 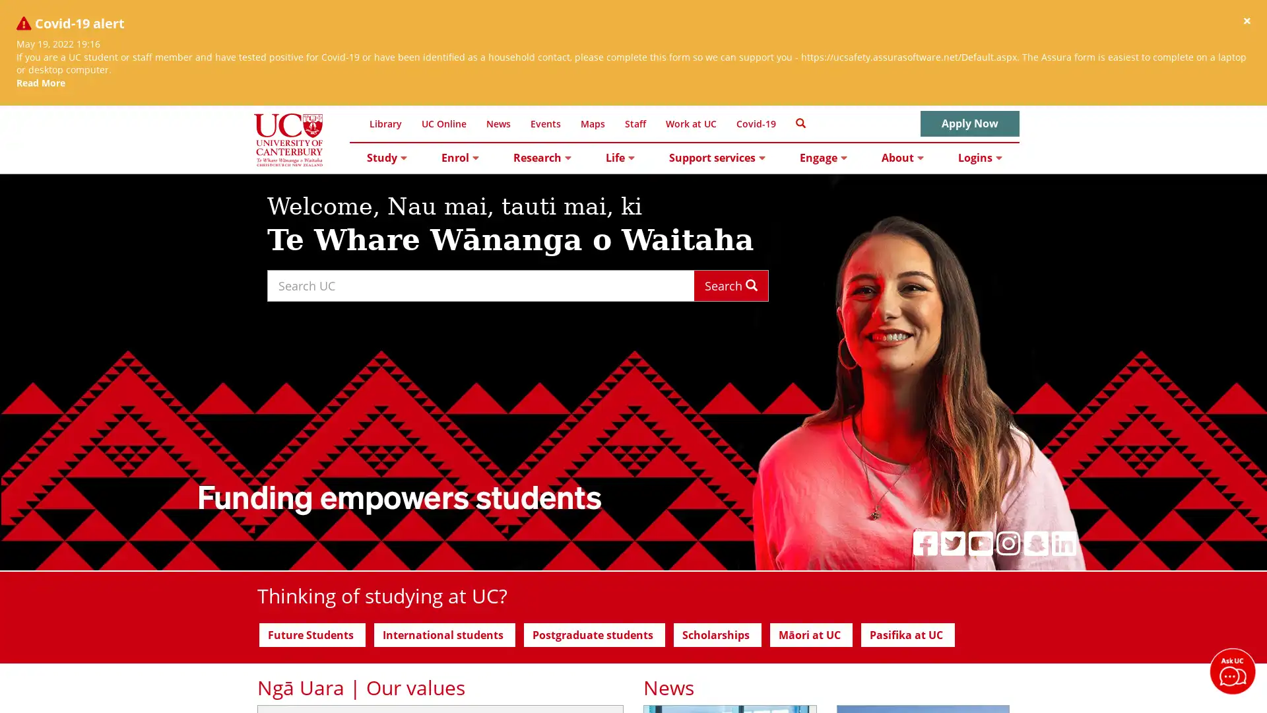 What do you see at coordinates (969, 123) in the screenshot?
I see `Apply Now` at bounding box center [969, 123].